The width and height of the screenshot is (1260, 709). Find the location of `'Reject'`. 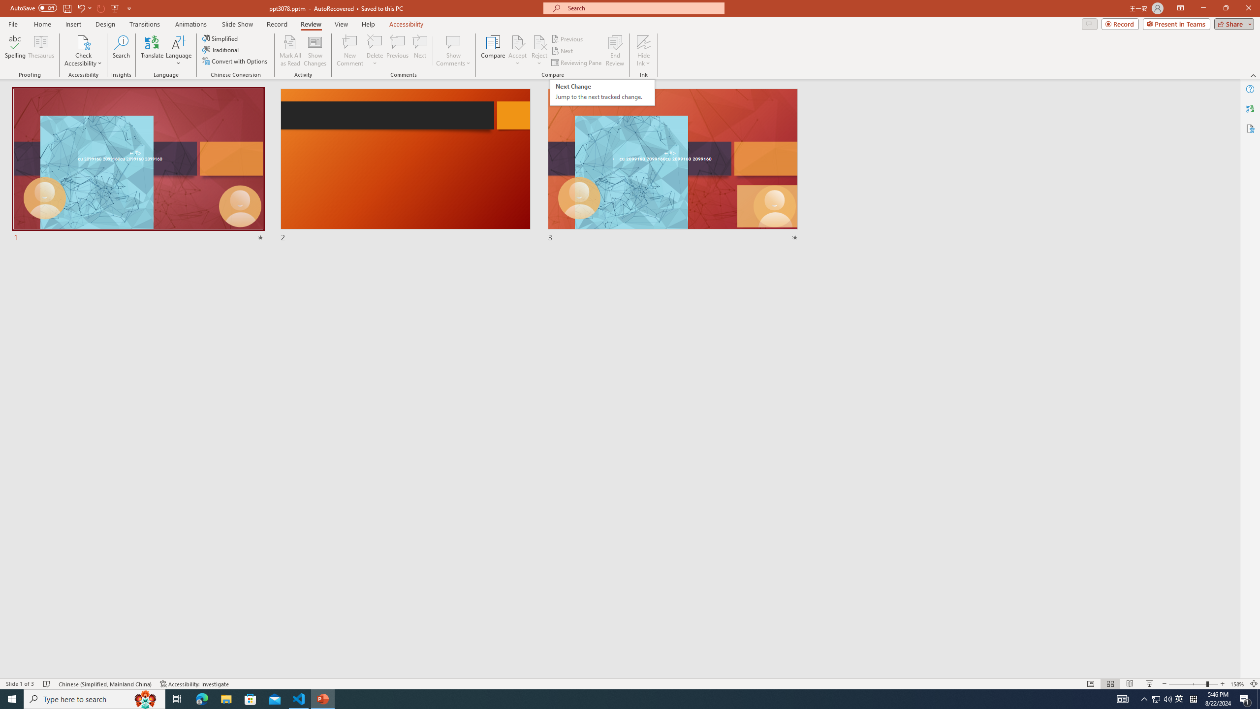

'Reject' is located at coordinates (538, 51).